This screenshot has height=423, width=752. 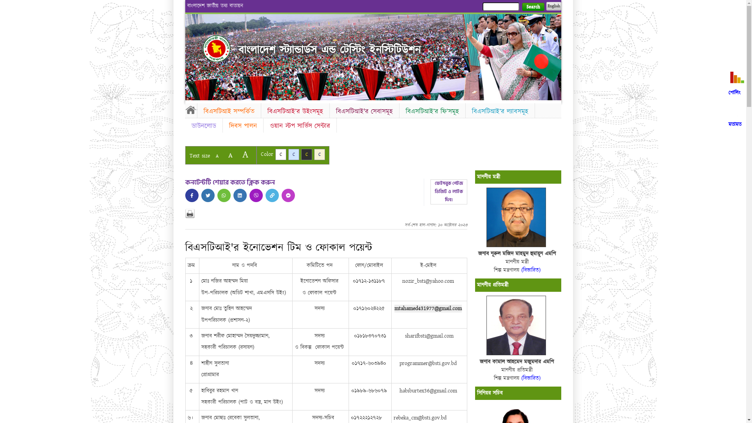 What do you see at coordinates (521, 7) in the screenshot?
I see `'Search'` at bounding box center [521, 7].